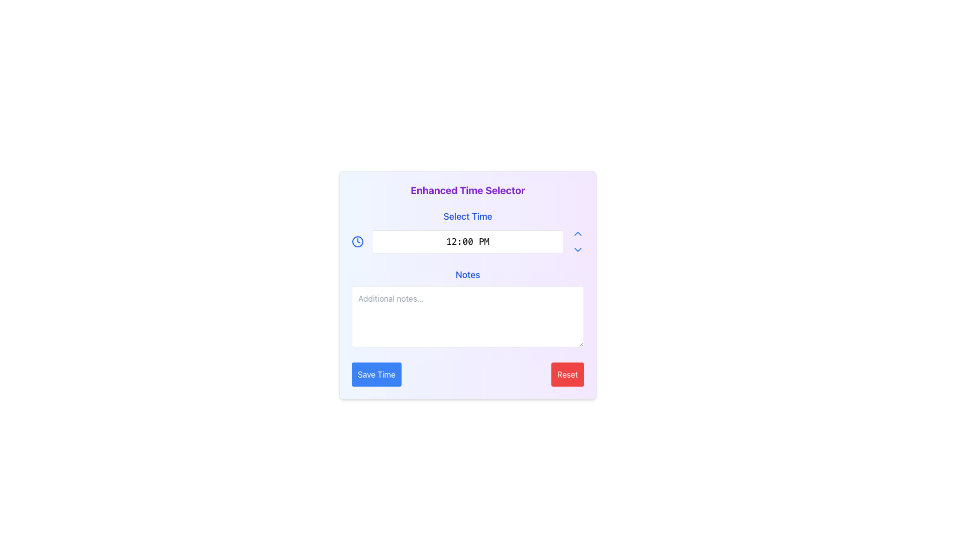 This screenshot has height=543, width=965. I want to click on the 'Notes' text label, which is displayed in bold blue font and located between a time selector and a multi-line text input box, so click(467, 275).